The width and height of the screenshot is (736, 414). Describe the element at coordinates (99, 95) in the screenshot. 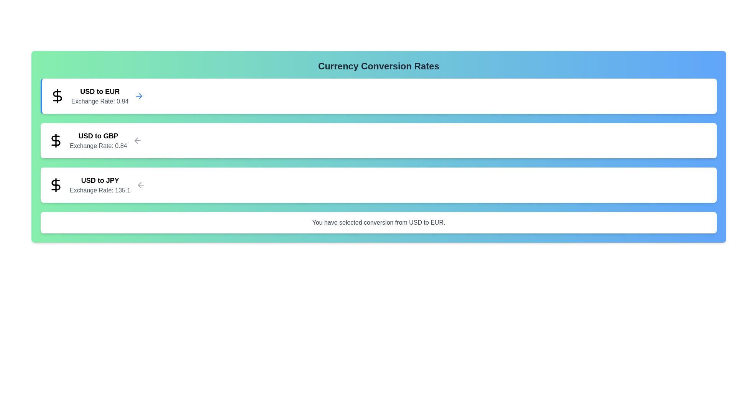

I see `the display card containing the text 'USD to EUR' and 'Exchange Rate: 0.94', which is the topmost card in a list of currency conversion options` at that location.